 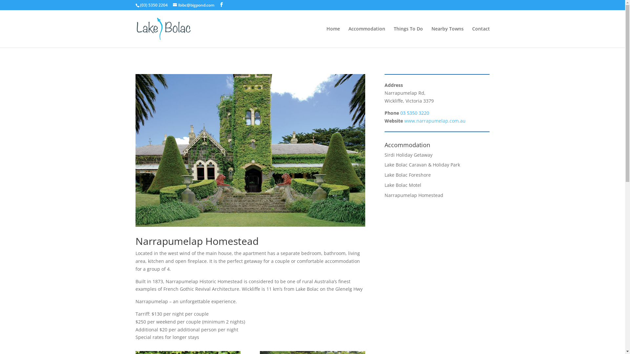 What do you see at coordinates (384, 155) in the screenshot?
I see `'Sirdi Holiday Getaway'` at bounding box center [384, 155].